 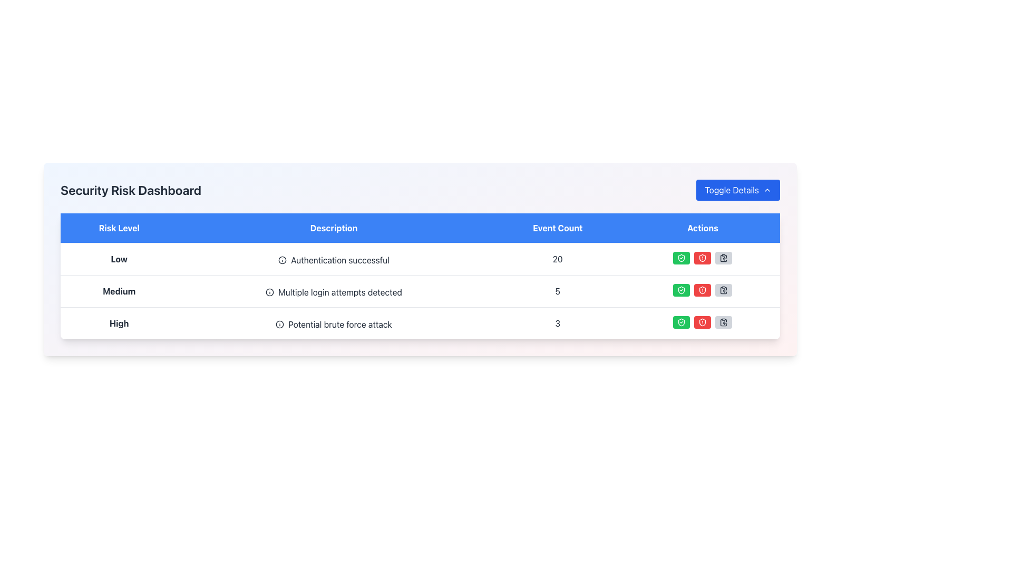 What do you see at coordinates (333, 324) in the screenshot?
I see `the text 'Potential brute force attack' for accessibility purposes` at bounding box center [333, 324].